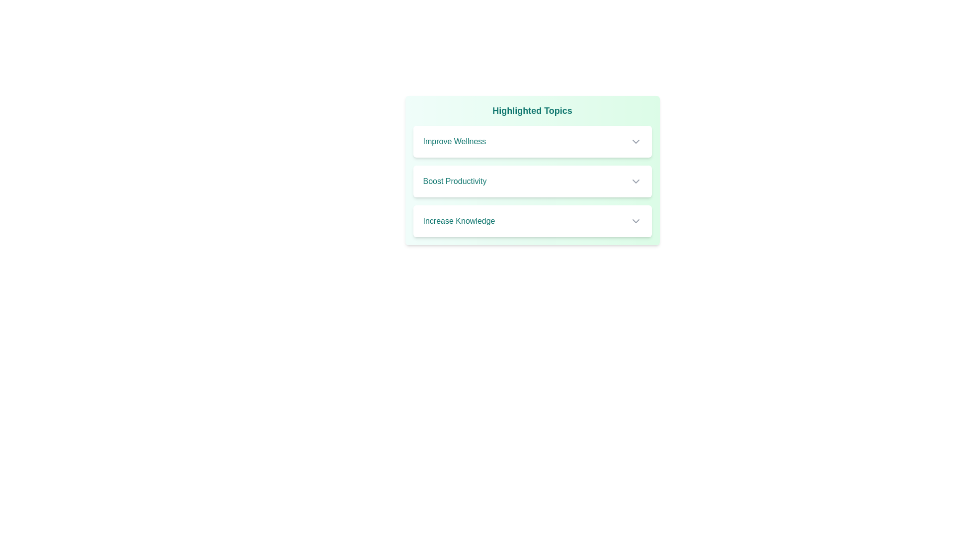 The width and height of the screenshot is (954, 537). What do you see at coordinates (454, 142) in the screenshot?
I see `the Text label indicating the section for improving wellness, which is the first item in a vertical list within the 'Highlighted Topics' light green box` at bounding box center [454, 142].